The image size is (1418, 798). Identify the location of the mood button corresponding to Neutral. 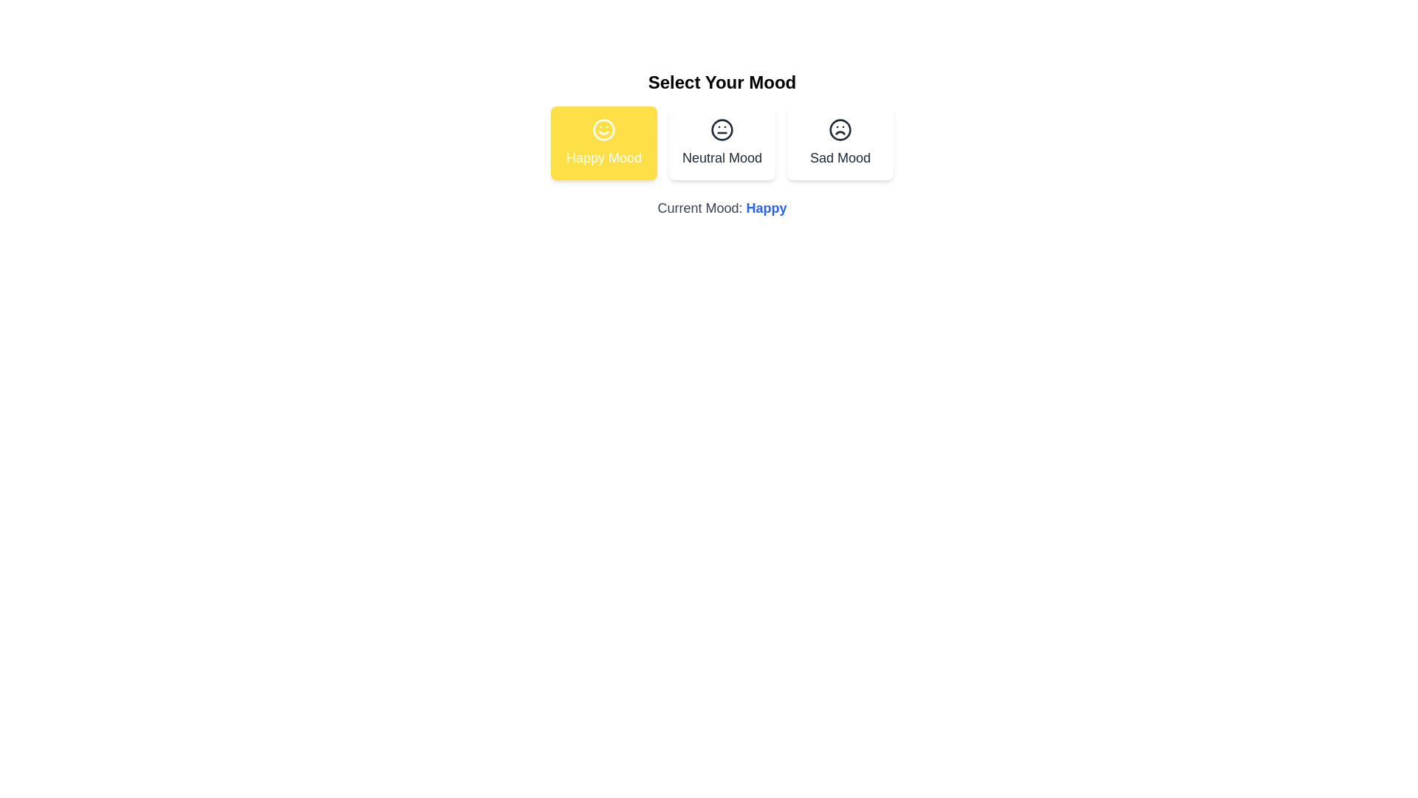
(722, 143).